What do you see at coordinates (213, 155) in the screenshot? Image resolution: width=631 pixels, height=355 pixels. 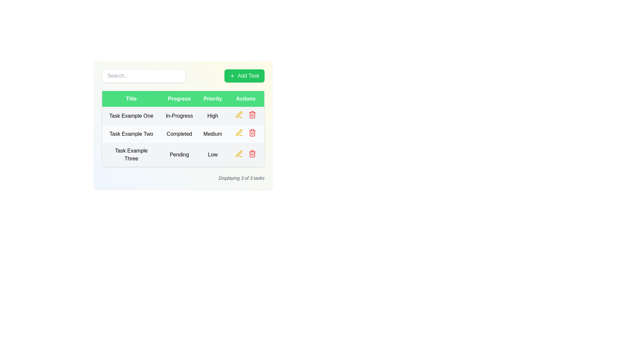 I see `the informational text label indicating the priority status of the task titled 'Task Example Three' in the 'Priority' column of the table` at bounding box center [213, 155].